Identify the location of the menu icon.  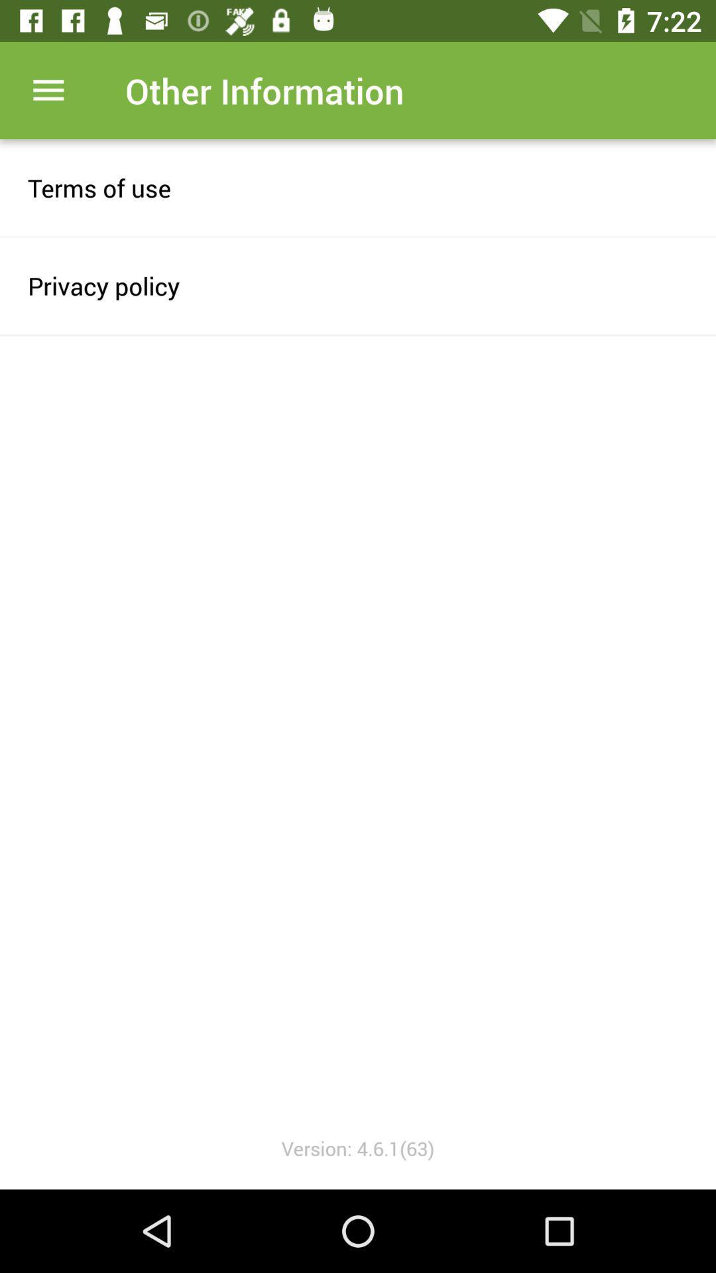
(48, 90).